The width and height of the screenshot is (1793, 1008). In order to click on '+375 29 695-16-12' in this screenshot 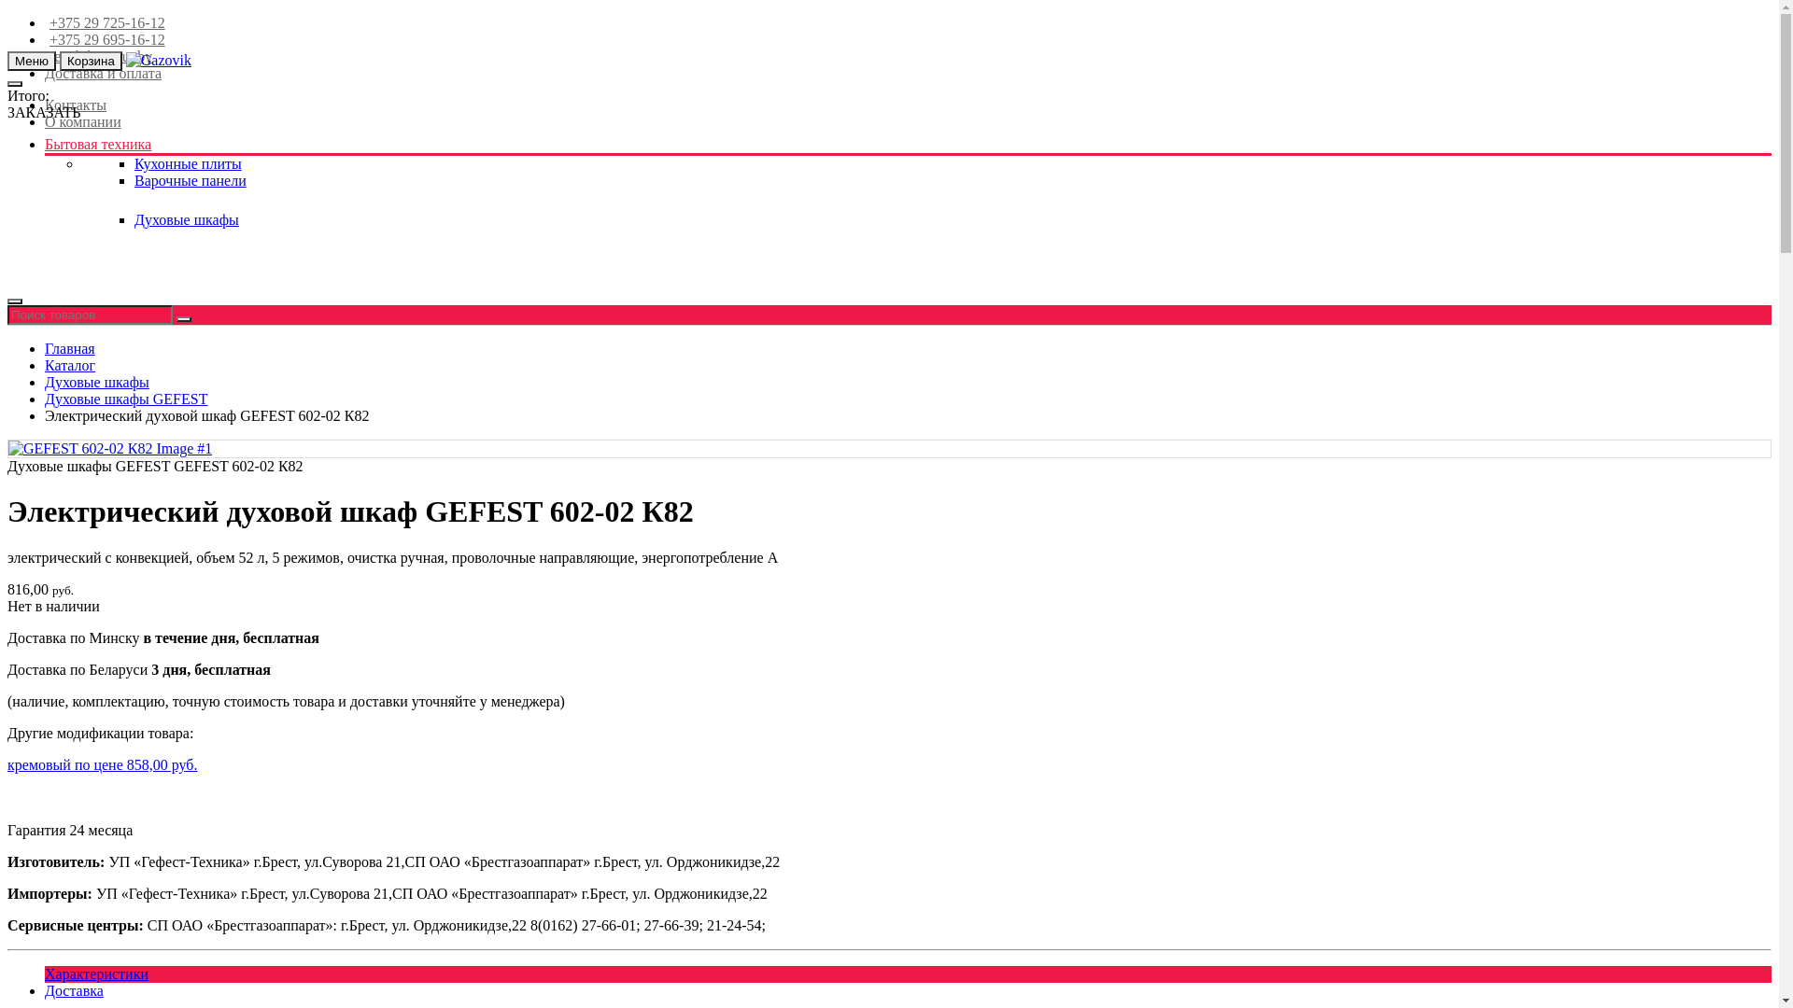, I will do `click(104, 39)`.